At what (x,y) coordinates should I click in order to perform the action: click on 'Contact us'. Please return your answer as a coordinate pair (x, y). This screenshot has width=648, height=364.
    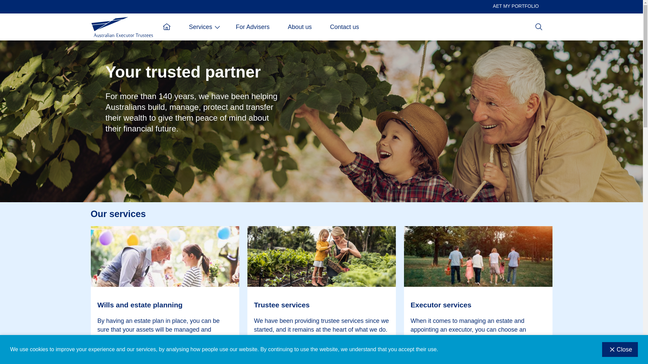
    Looking at the image, I should click on (320, 27).